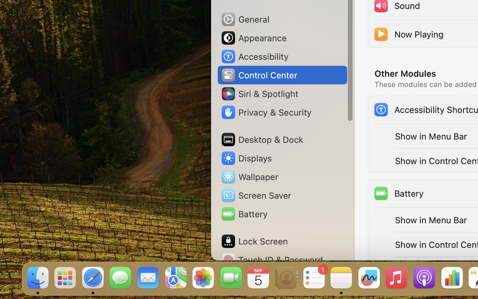 The width and height of the screenshot is (478, 299). What do you see at coordinates (398, 193) in the screenshot?
I see `'Battery'` at bounding box center [398, 193].